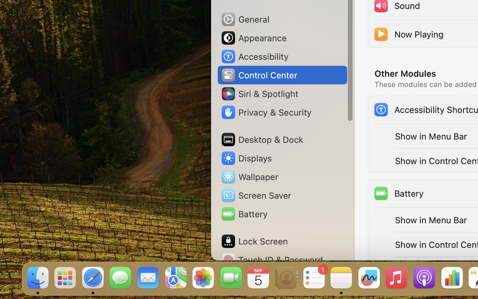 The width and height of the screenshot is (478, 299). What do you see at coordinates (398, 193) in the screenshot?
I see `'Battery'` at bounding box center [398, 193].